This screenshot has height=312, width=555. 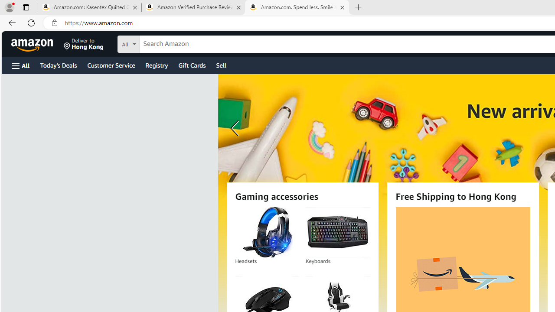 What do you see at coordinates (337, 232) in the screenshot?
I see `'Keyboards'` at bounding box center [337, 232].